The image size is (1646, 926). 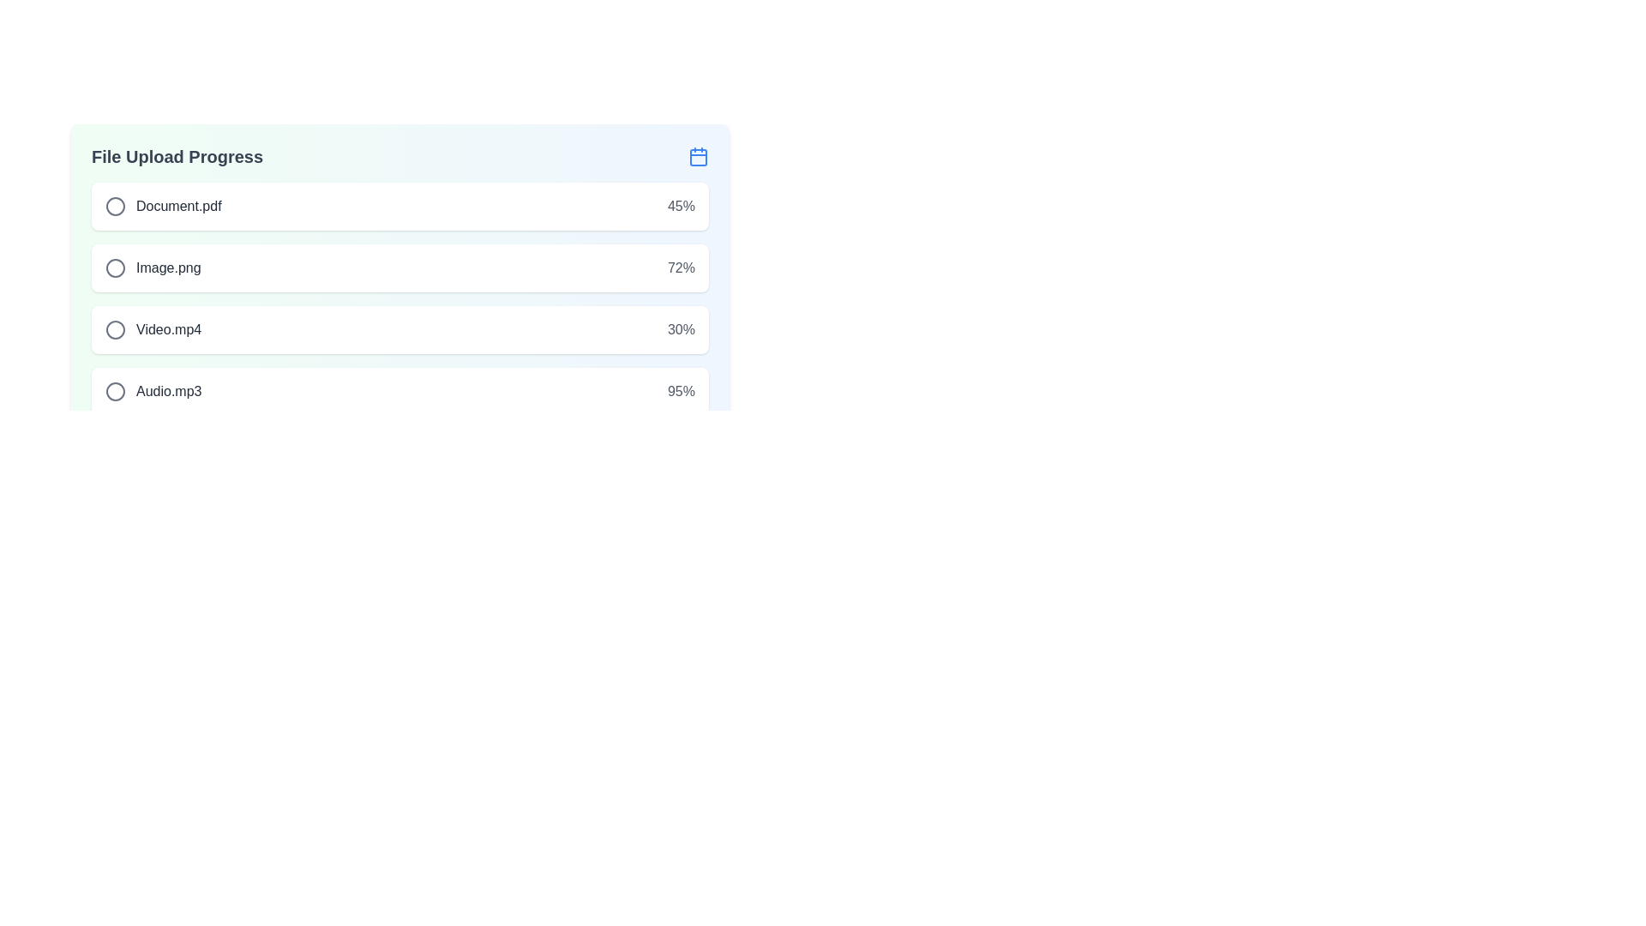 I want to click on the calendar icon located to the far right of the header section labeled 'File Upload Progress', so click(x=699, y=156).